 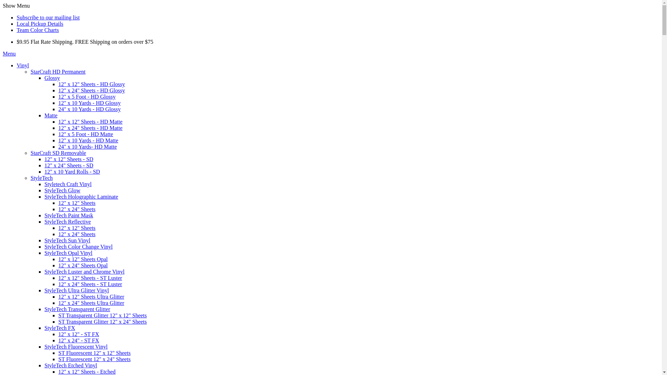 What do you see at coordinates (90, 121) in the screenshot?
I see `'12" x 12" Sheets - HD Matte'` at bounding box center [90, 121].